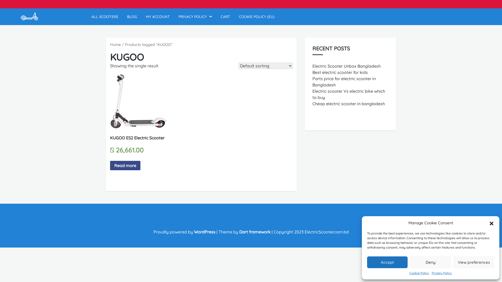 This screenshot has width=502, height=282. Describe the element at coordinates (255, 231) in the screenshot. I see `'Dart framework'` at that location.